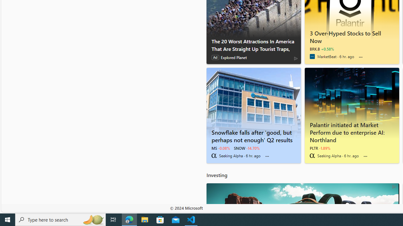 This screenshot has height=226, width=403. I want to click on 'PLTR -1.89%', so click(320, 148).